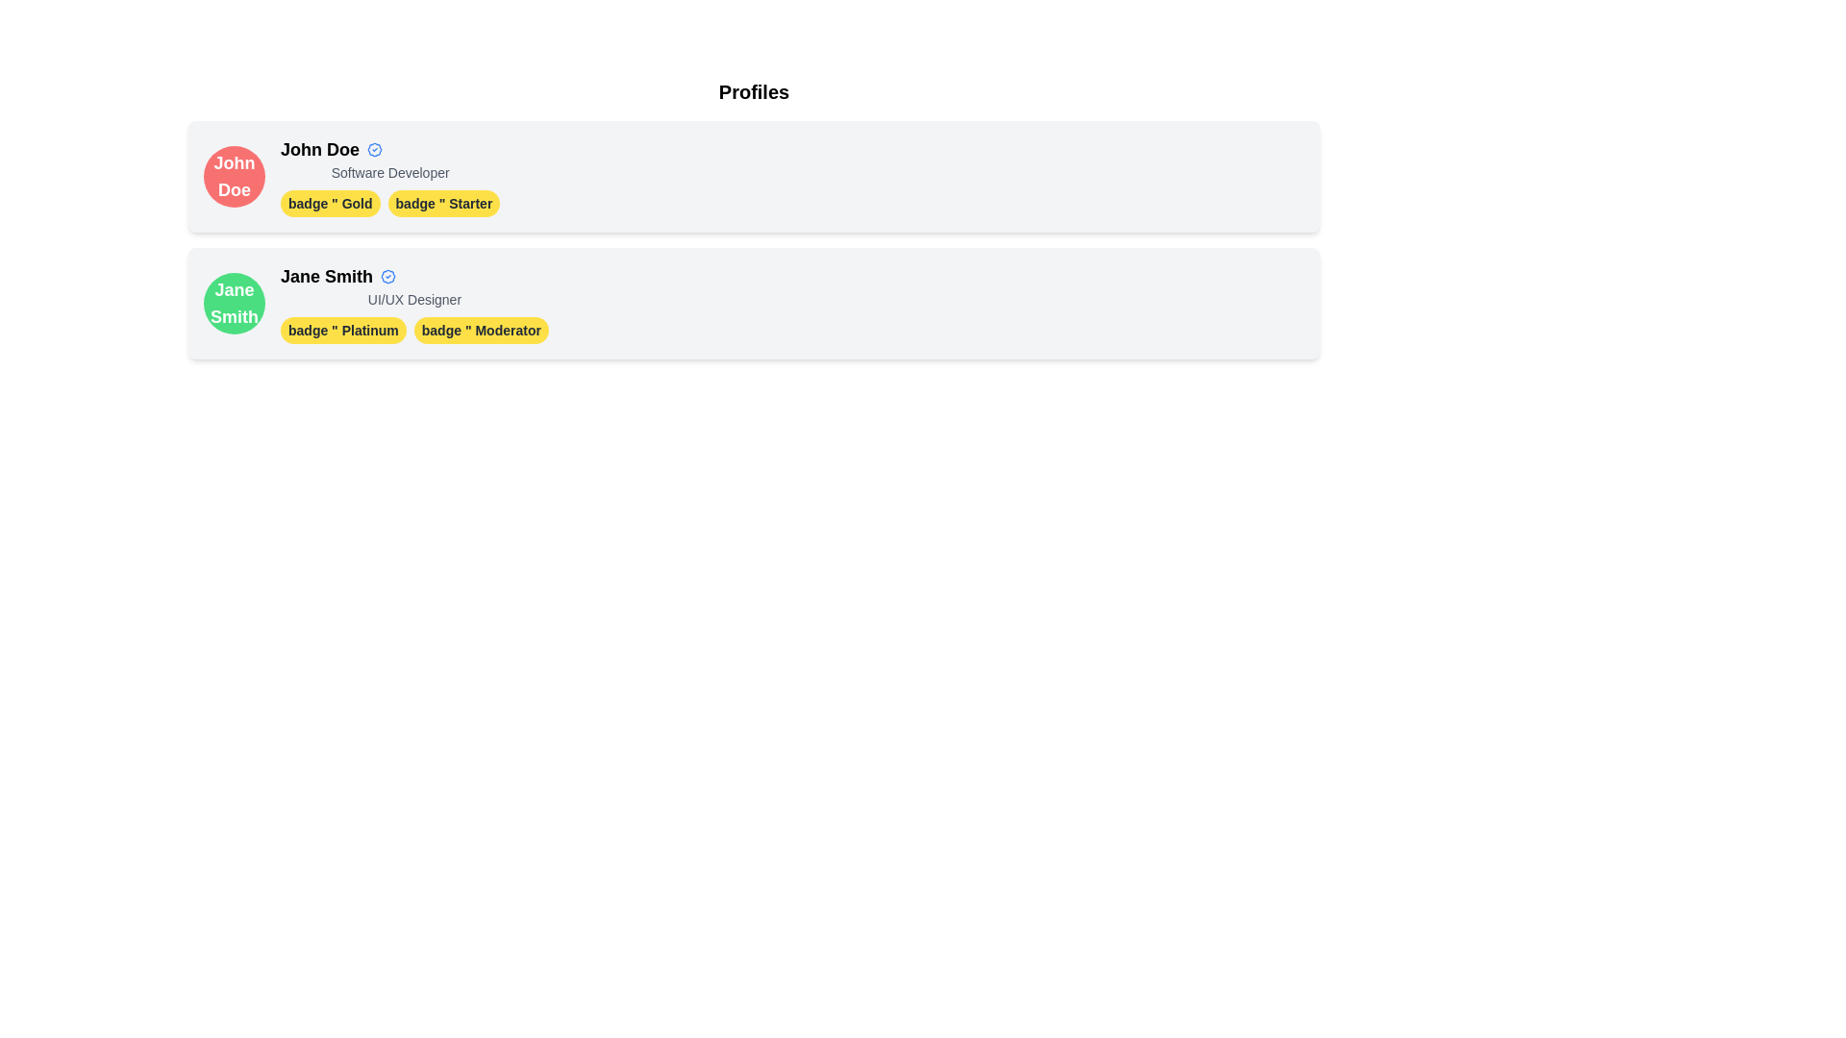  I want to click on the verification badge icon next to the name 'John Doe' to indicate its importance as a sign of verification, so click(374, 148).